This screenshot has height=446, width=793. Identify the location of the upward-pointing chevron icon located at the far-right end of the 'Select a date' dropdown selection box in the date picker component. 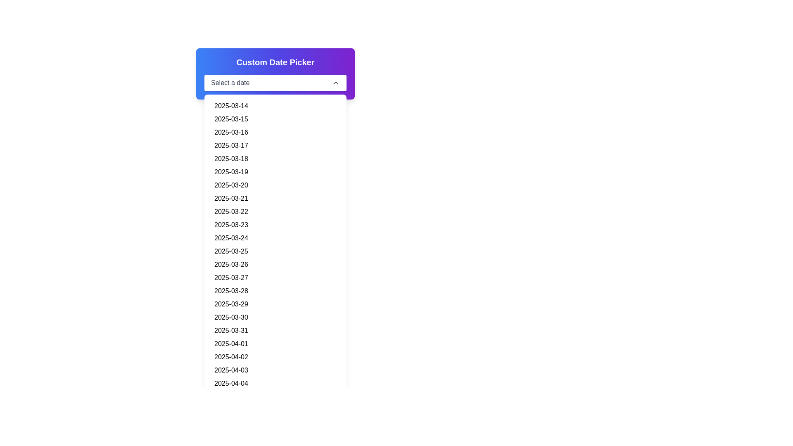
(335, 83).